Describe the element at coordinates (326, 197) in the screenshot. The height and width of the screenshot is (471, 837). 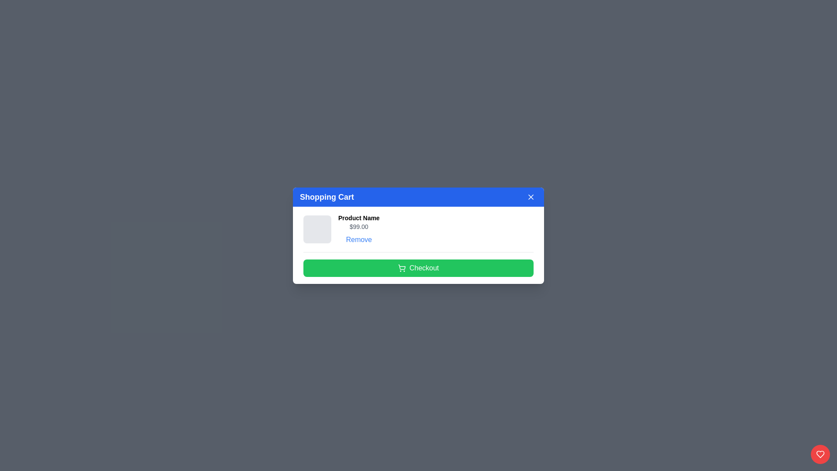
I see `the 'Shopping Cart' text label, which is a bold, medium-sized text located in the center-left of the blue header bar of a shopping cart popup` at that location.